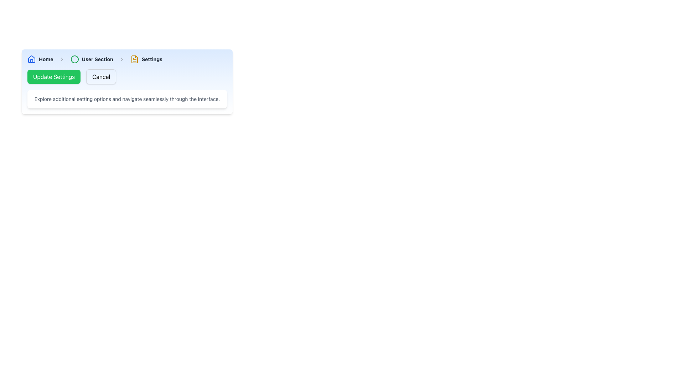 The width and height of the screenshot is (684, 384). Describe the element at coordinates (31, 59) in the screenshot. I see `the house-shaped icon with a blue stroke, located at the beginning of the breadcrumb navigation bar, to the left of the 'Home' text label` at that location.